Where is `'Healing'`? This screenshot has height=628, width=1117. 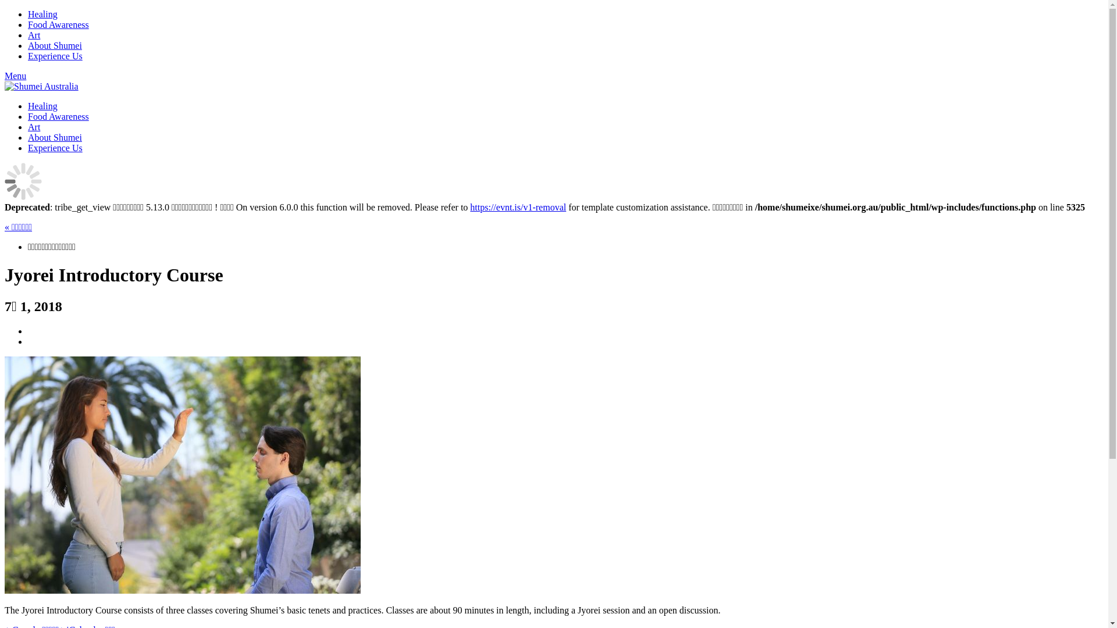 'Healing' is located at coordinates (42, 14).